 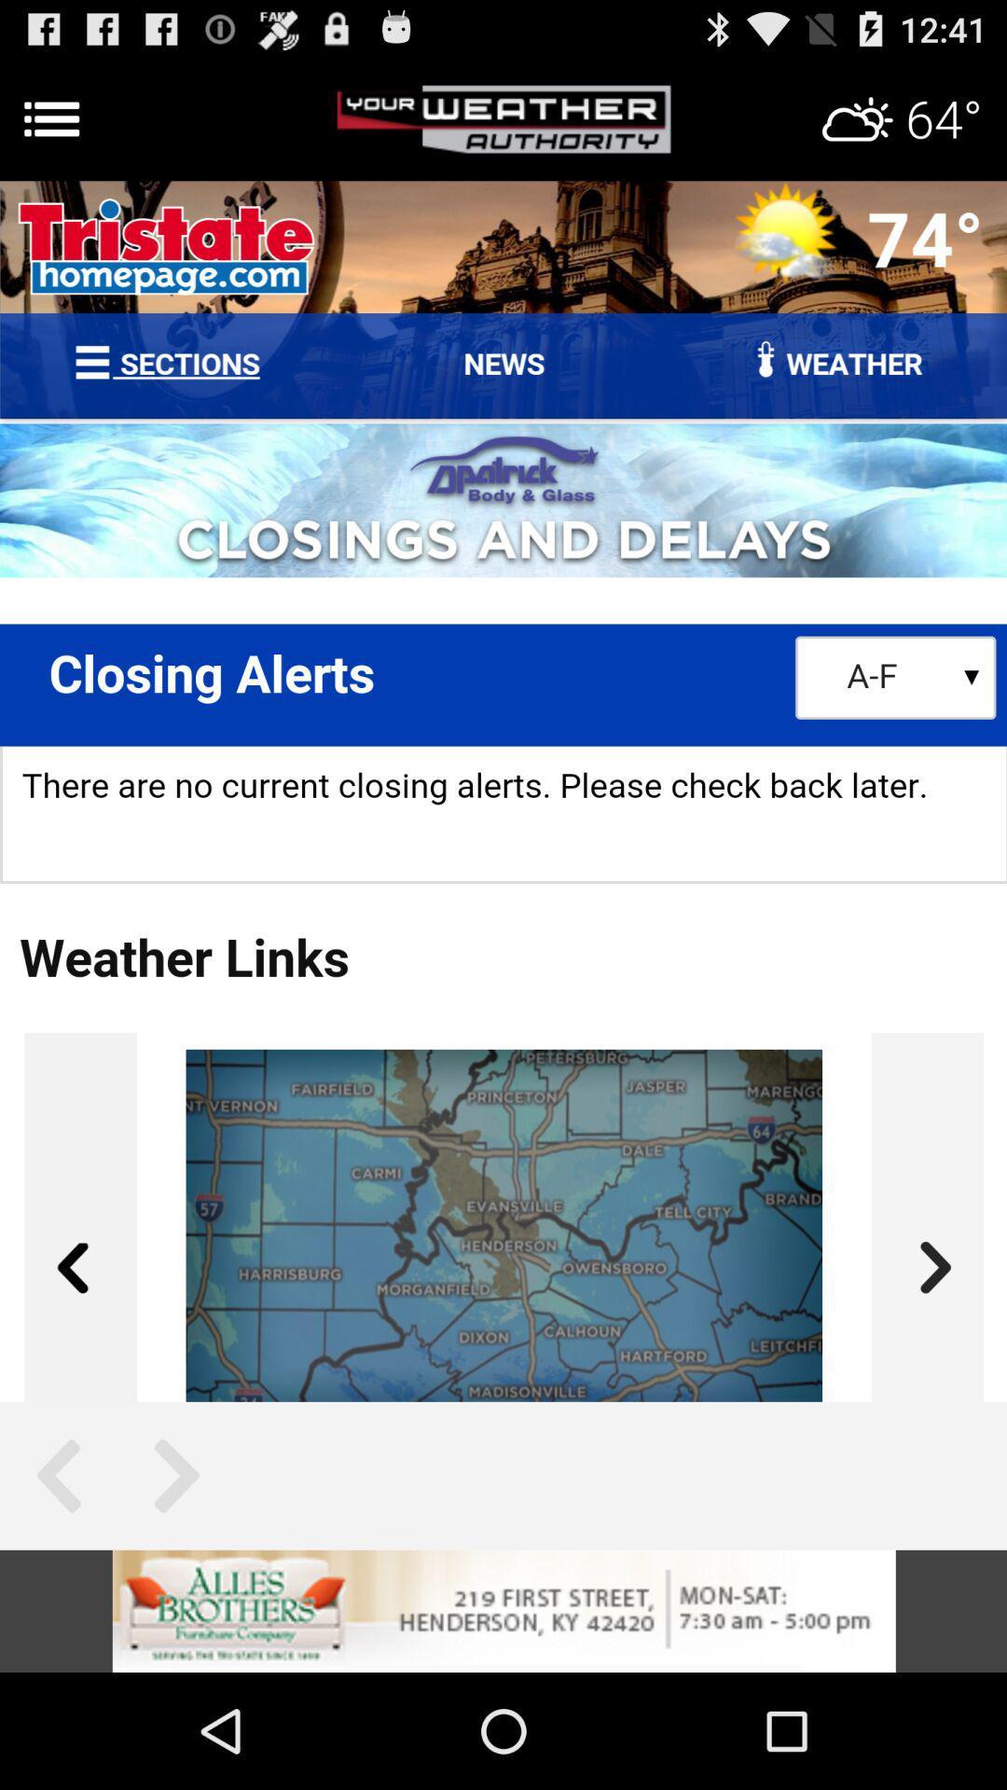 What do you see at coordinates (504, 1610) in the screenshot?
I see `advertisement link` at bounding box center [504, 1610].